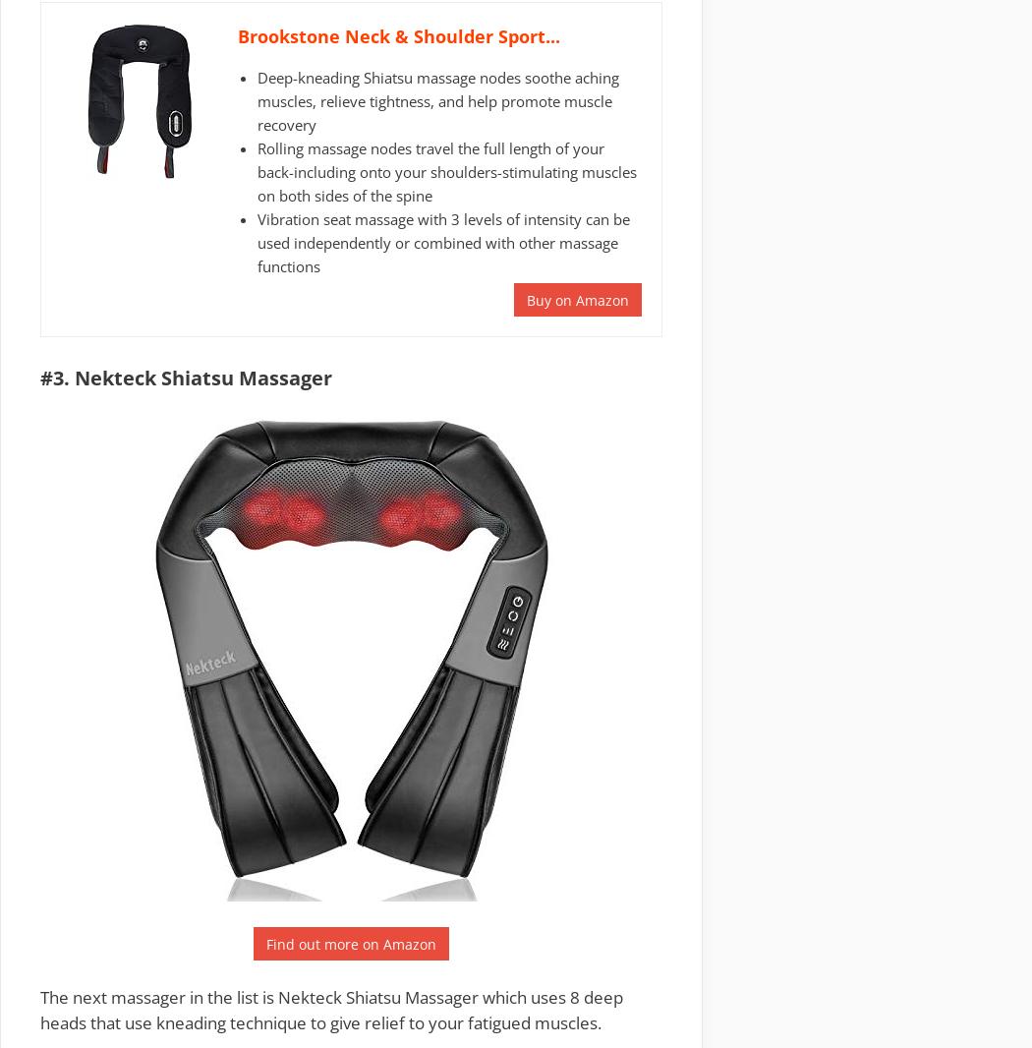  I want to click on 'The next massager in the list is', so click(159, 997).